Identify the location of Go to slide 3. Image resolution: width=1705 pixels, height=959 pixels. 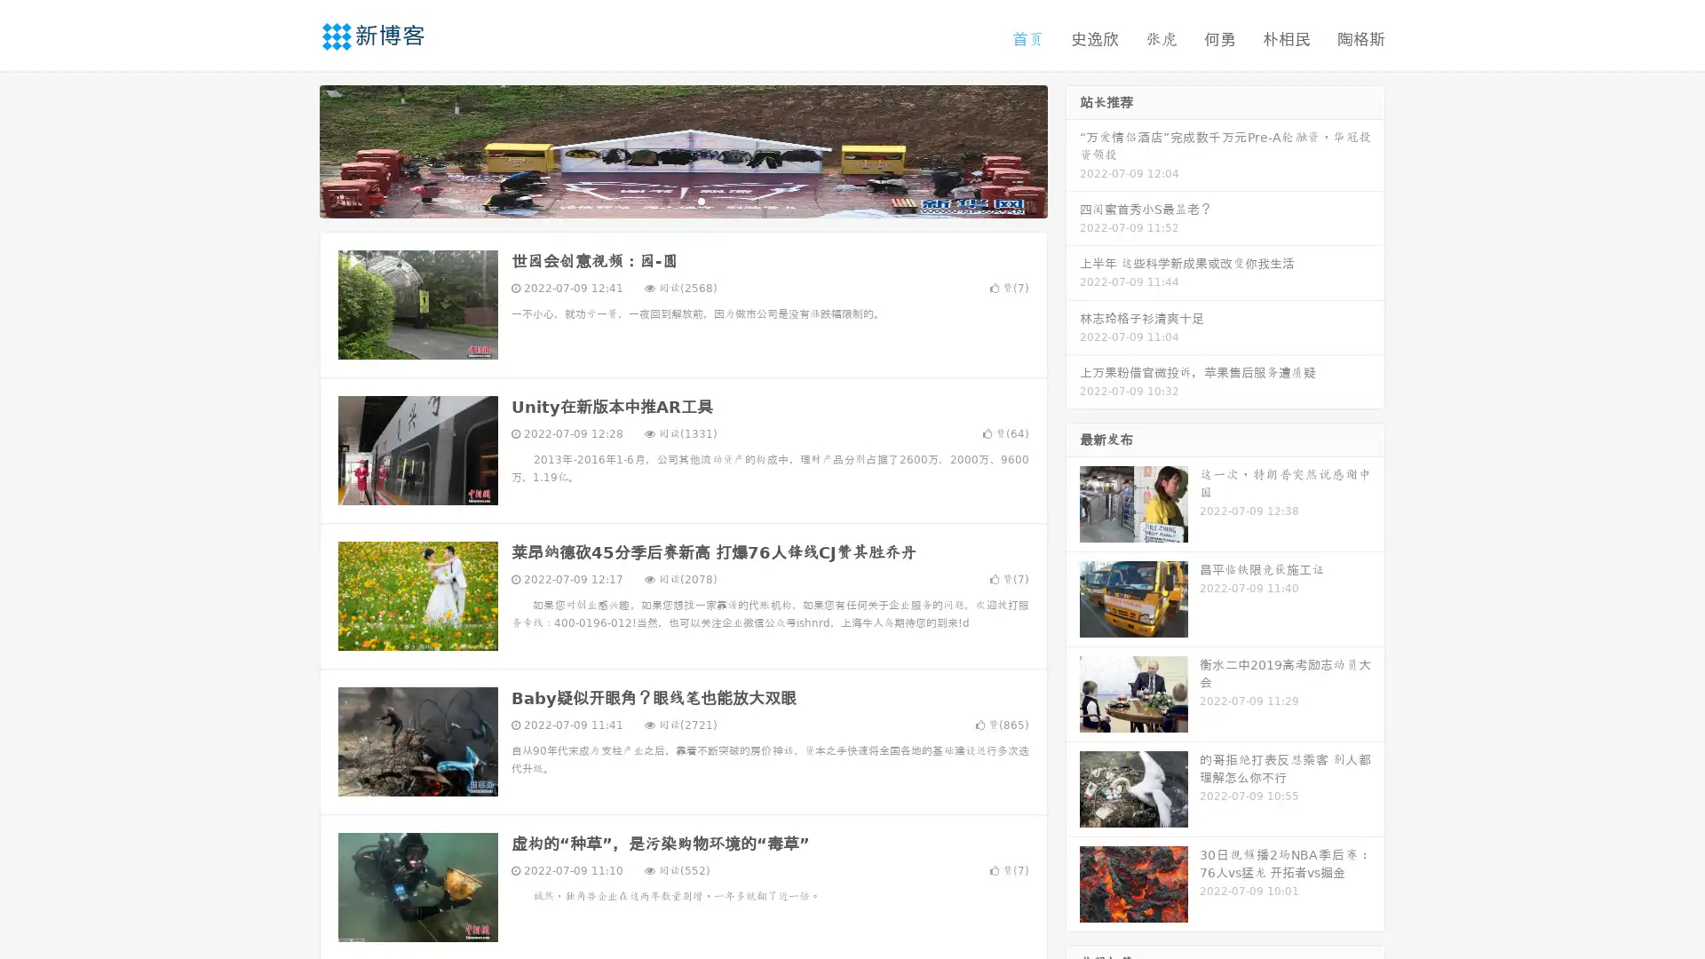
(701, 200).